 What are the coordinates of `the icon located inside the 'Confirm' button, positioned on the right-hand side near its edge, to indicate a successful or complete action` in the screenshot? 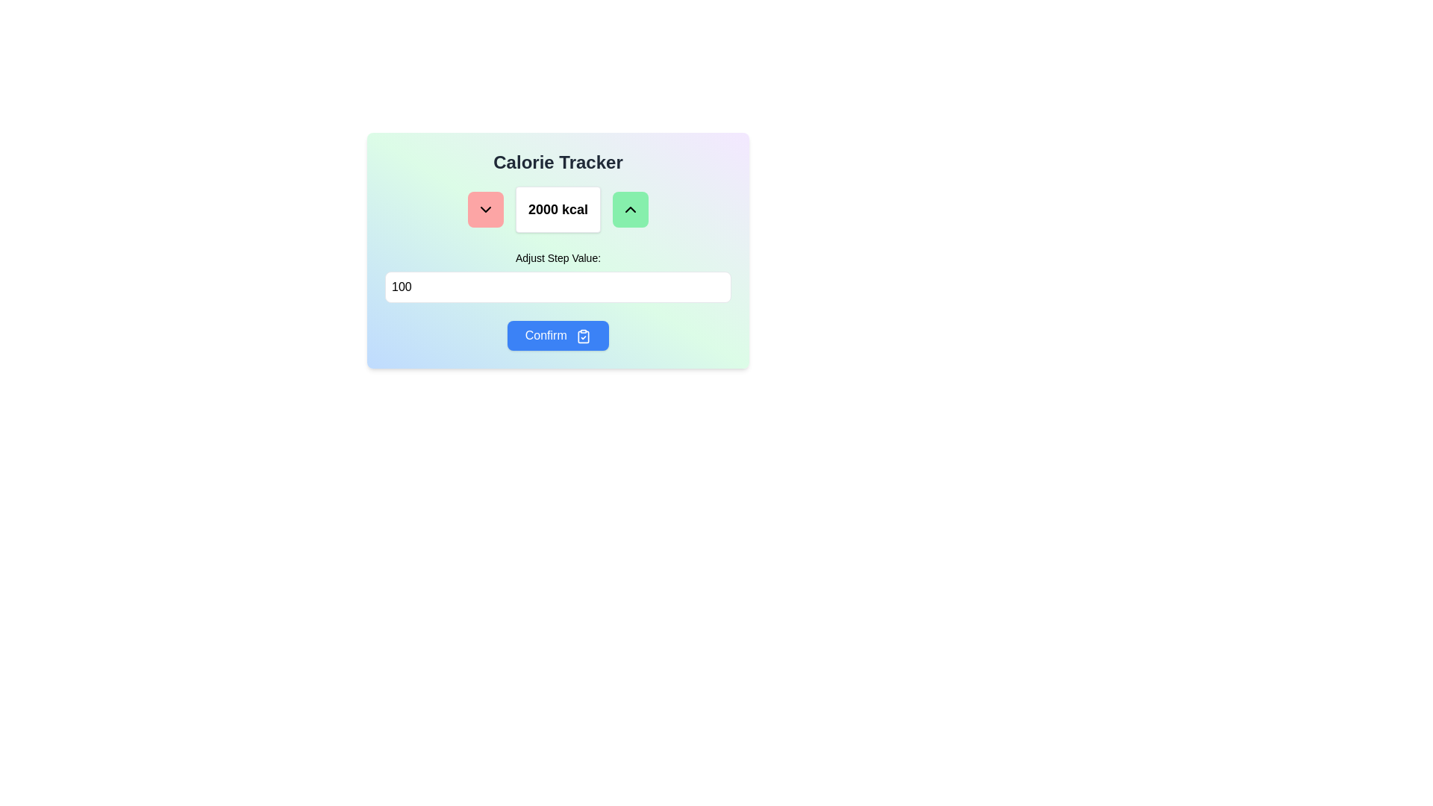 It's located at (583, 336).